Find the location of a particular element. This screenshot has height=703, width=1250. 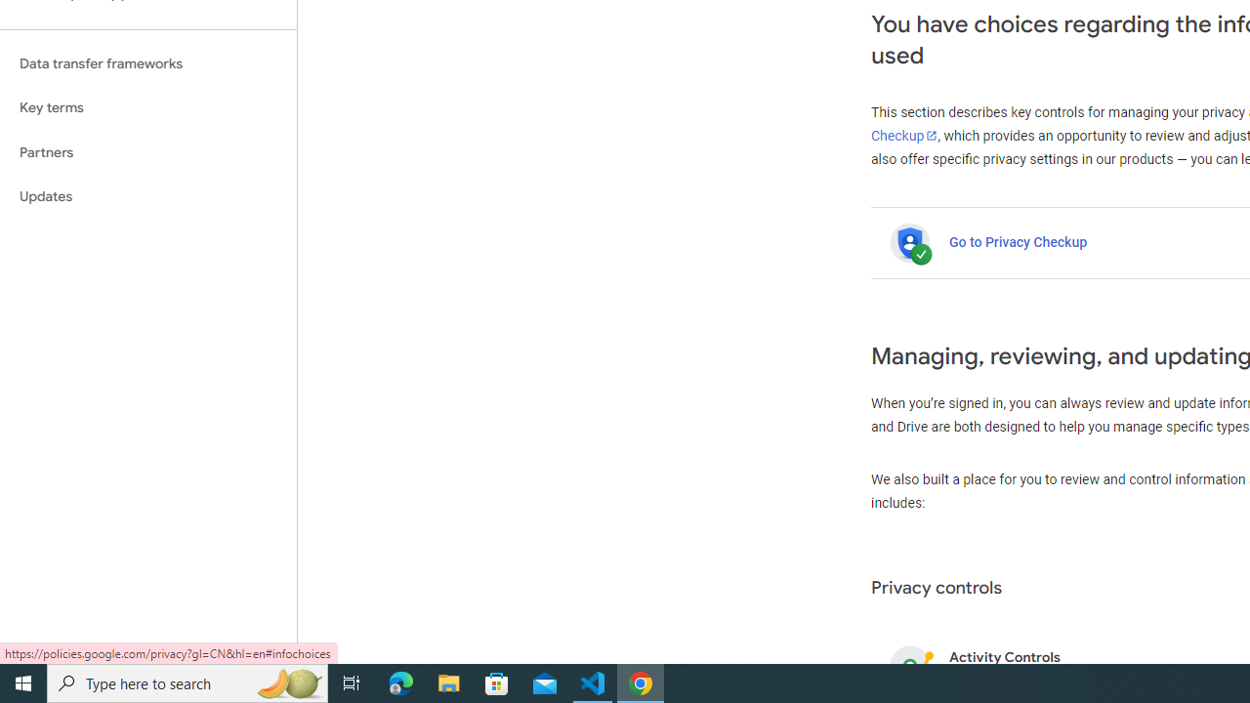

'Data transfer frameworks' is located at coordinates (147, 62).